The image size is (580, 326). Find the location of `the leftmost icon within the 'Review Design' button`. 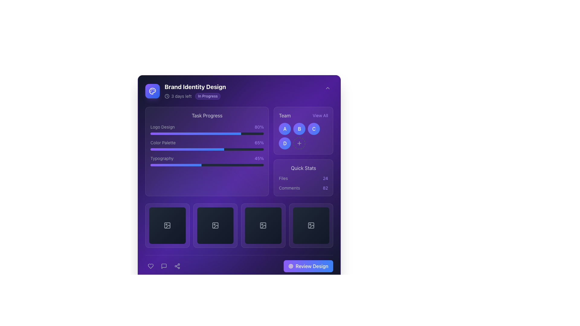

the leftmost icon within the 'Review Design' button is located at coordinates (291, 266).